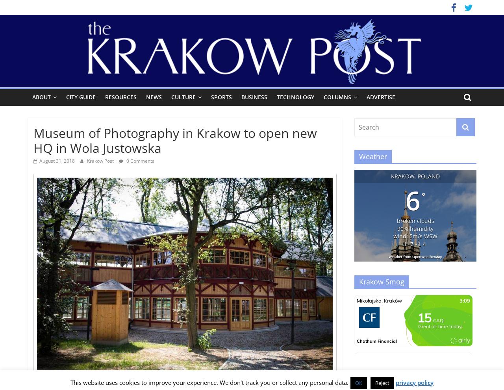 This screenshot has height=390, width=504. I want to click on 'wind: 5m/s WSW', so click(415, 236).